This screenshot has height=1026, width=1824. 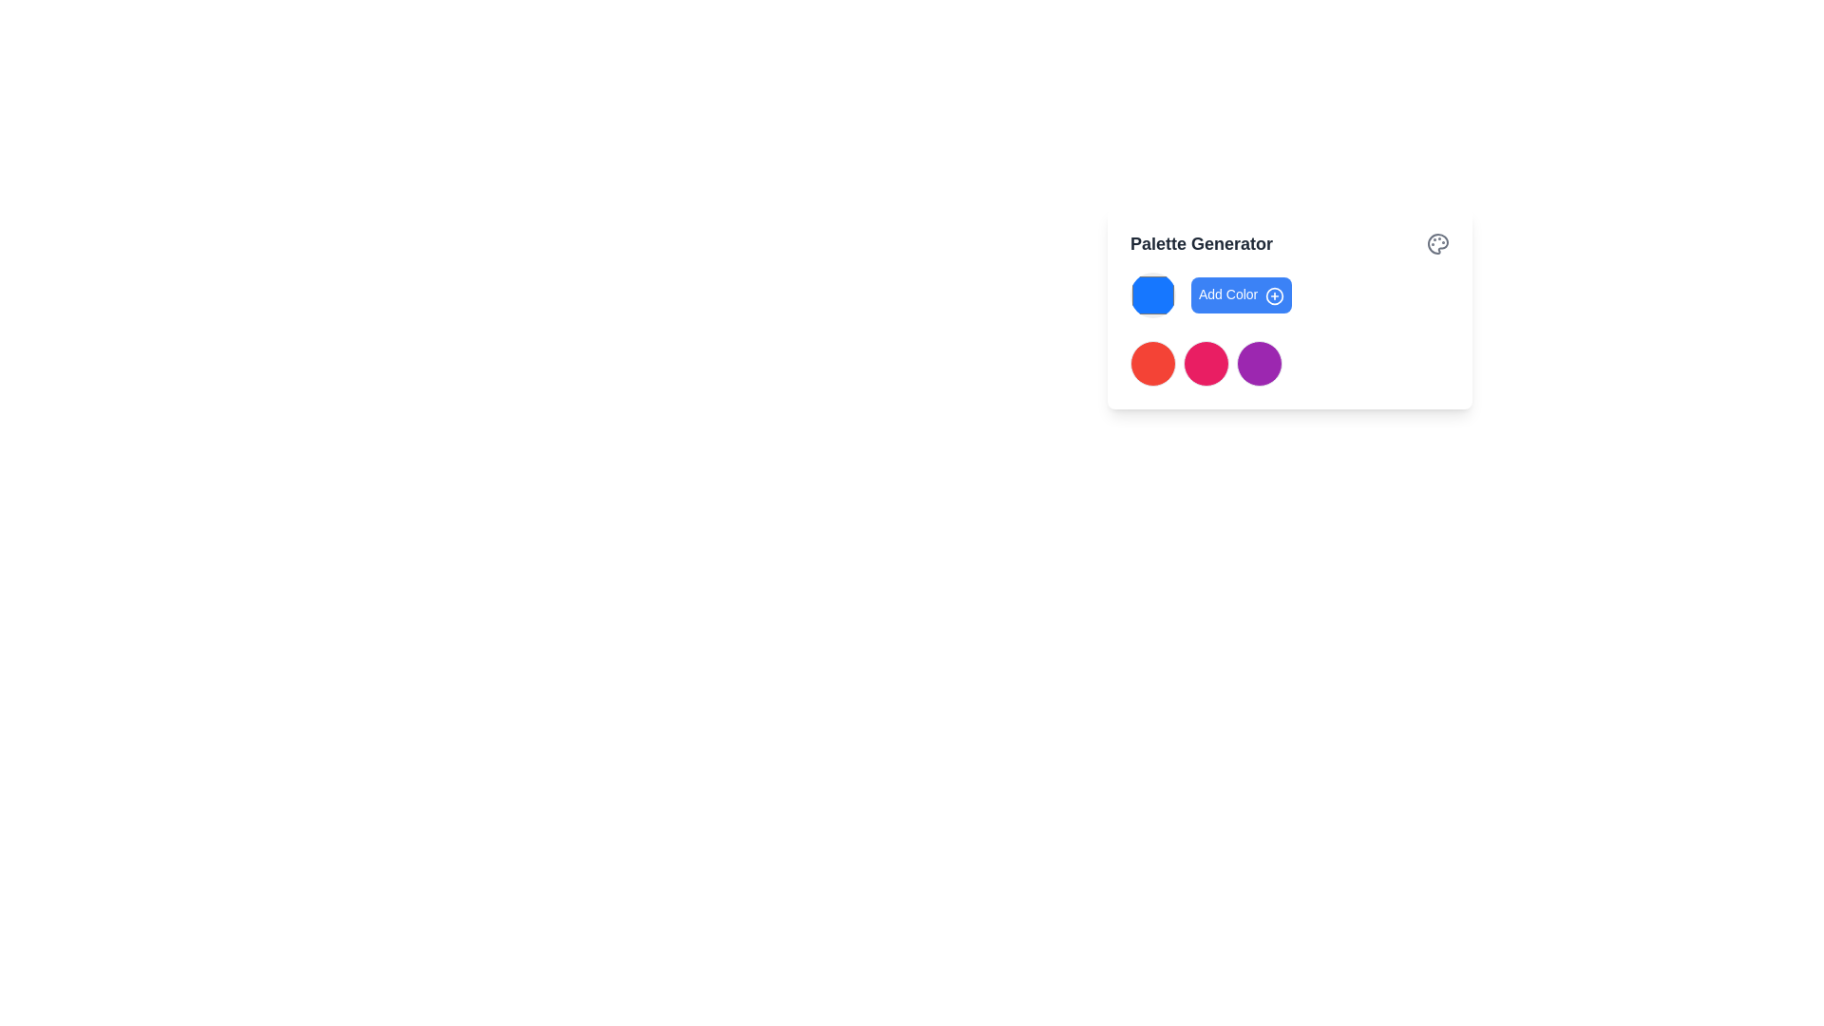 What do you see at coordinates (1275, 295) in the screenshot?
I see `the circular graphic with a blue border that is part of the plus sign icon next to the 'Add Color' button in the Palette Generator section` at bounding box center [1275, 295].